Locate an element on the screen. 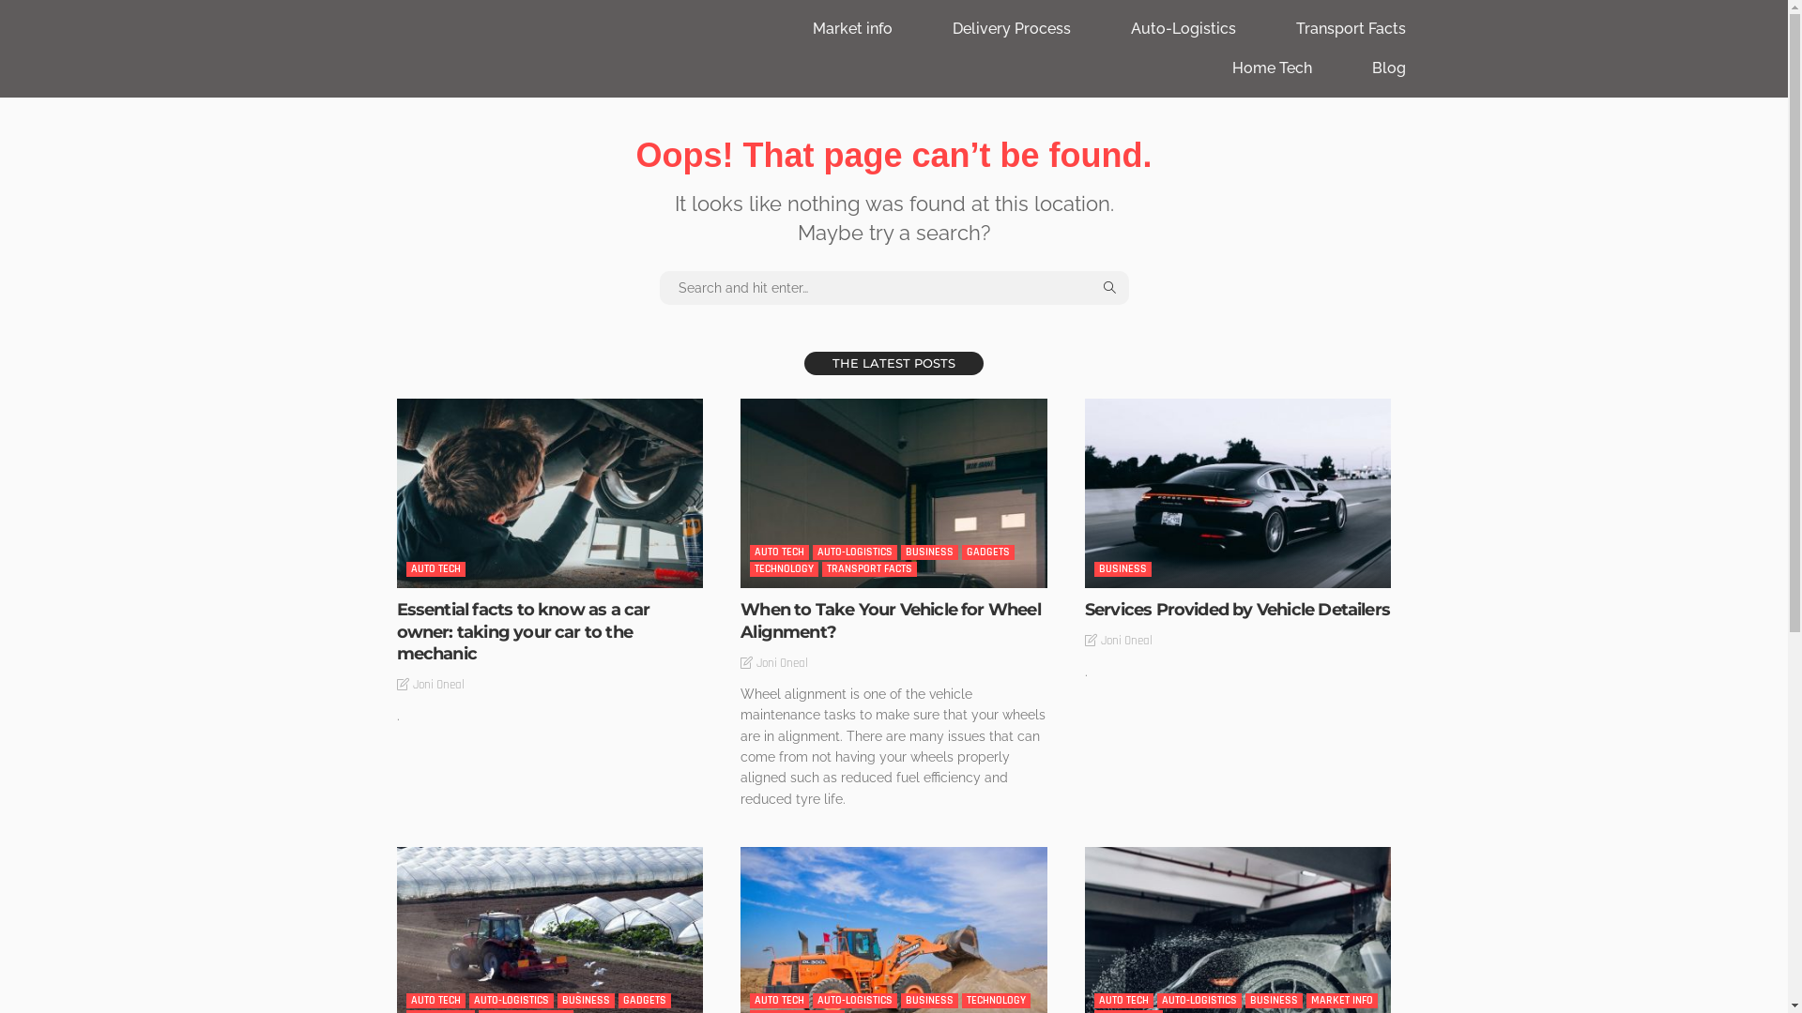  'search for:' is located at coordinates (892, 288).